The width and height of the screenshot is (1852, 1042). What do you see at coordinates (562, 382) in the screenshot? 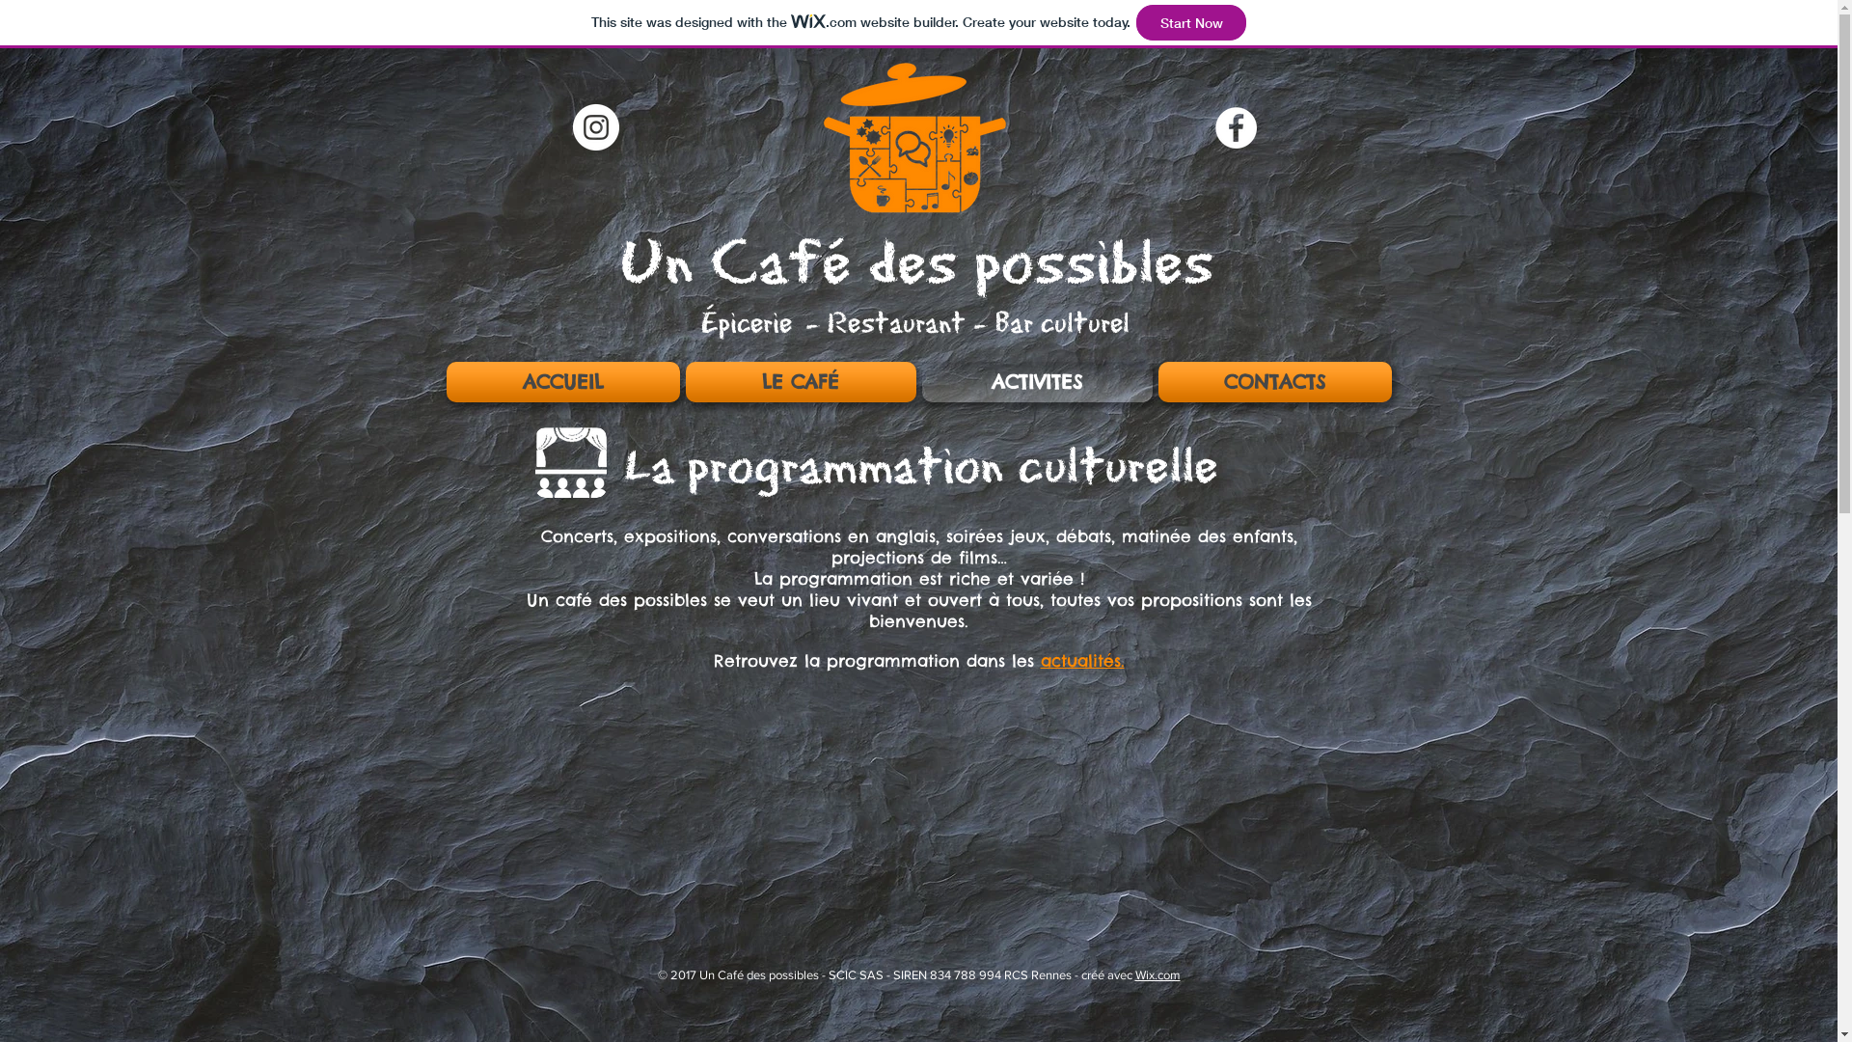
I see `'ACCUEIL'` at bounding box center [562, 382].